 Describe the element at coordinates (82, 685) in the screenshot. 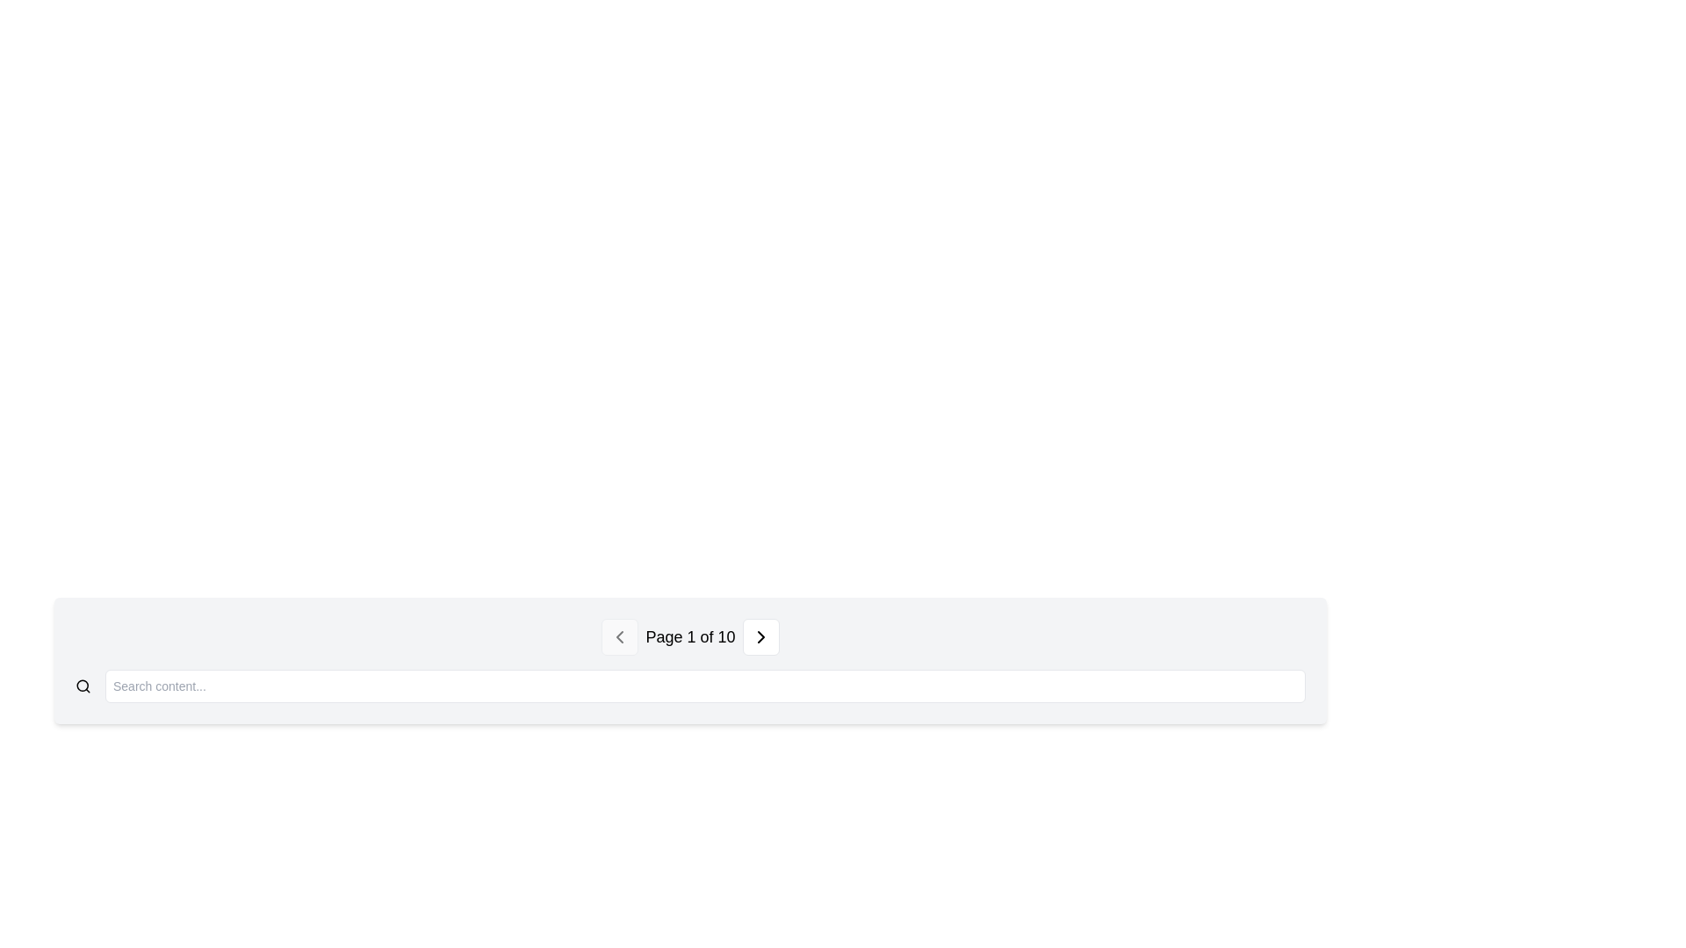

I see `the circular part of the search icon located at the left end of the horizontal search input bar` at that location.